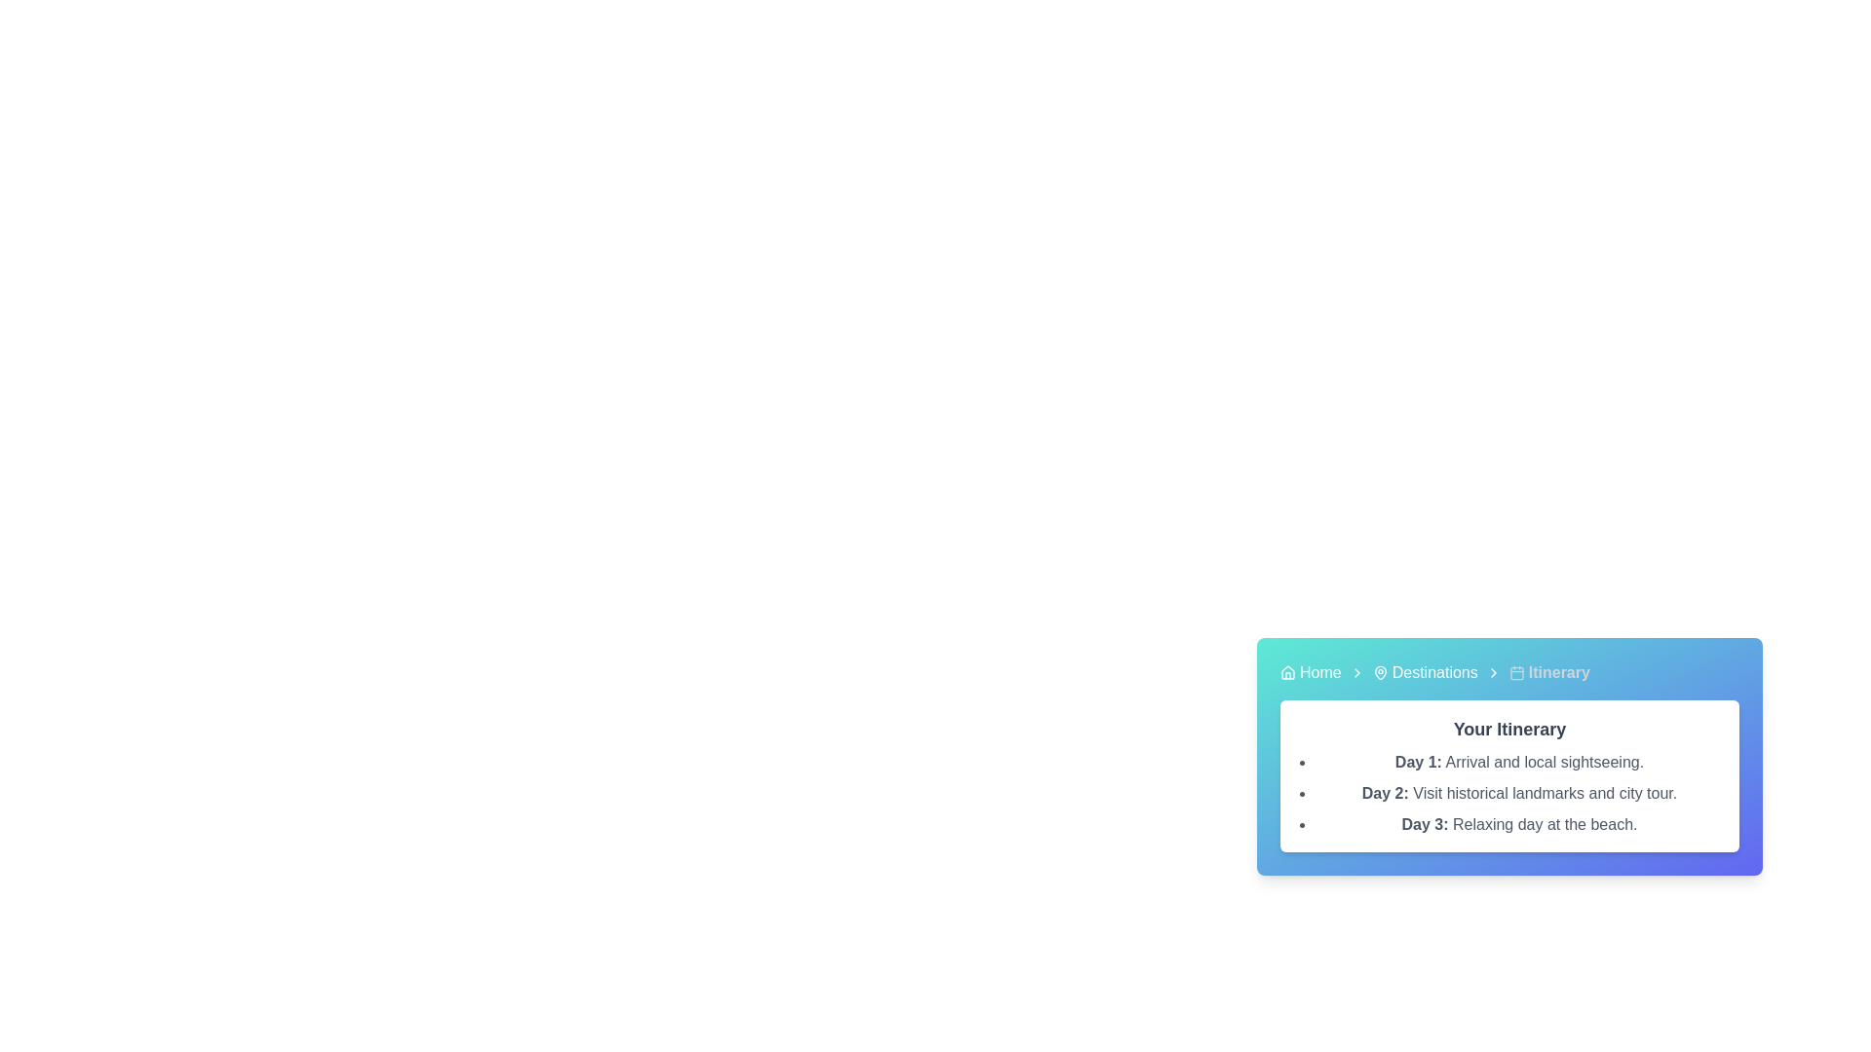 The height and width of the screenshot is (1052, 1871). Describe the element at coordinates (1518, 762) in the screenshot. I see `the text element displaying 'Day 1: Arrival and local sightseeing.' which is the first item in the bulleted list under 'Your Itinerary.'` at that location.